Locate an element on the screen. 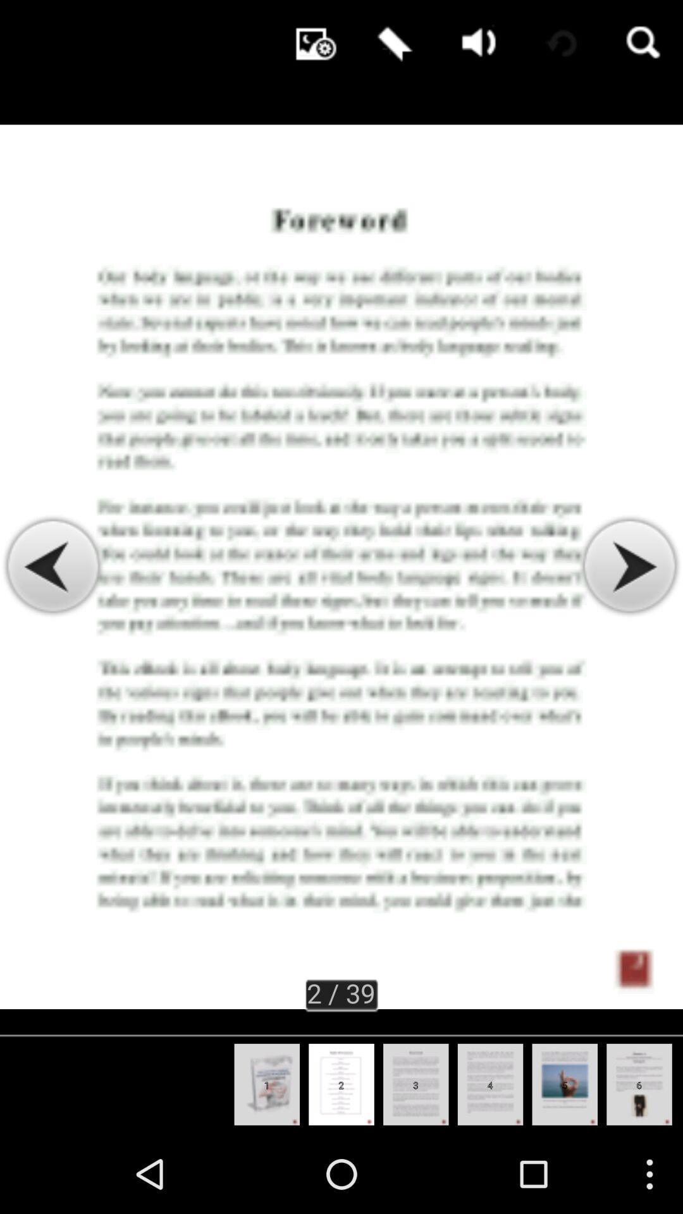 This screenshot has height=1214, width=683. the navigation icon is located at coordinates (629, 606).